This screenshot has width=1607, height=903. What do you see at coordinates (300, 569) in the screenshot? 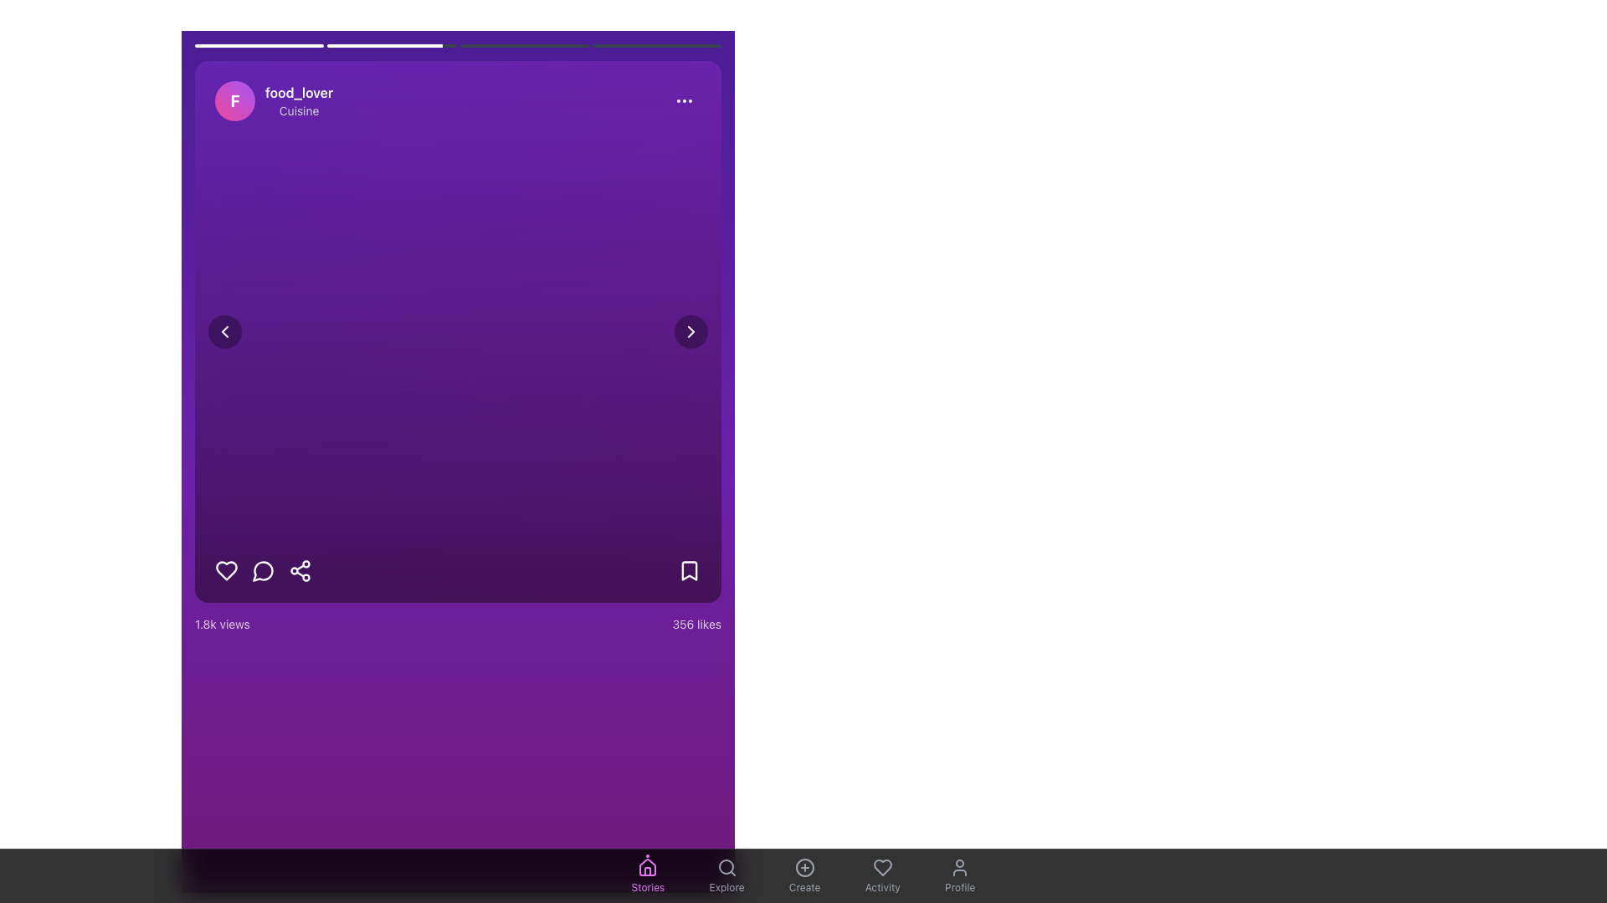
I see `the third button in the horizontal sequence of icons at the bottom of the content card` at bounding box center [300, 569].